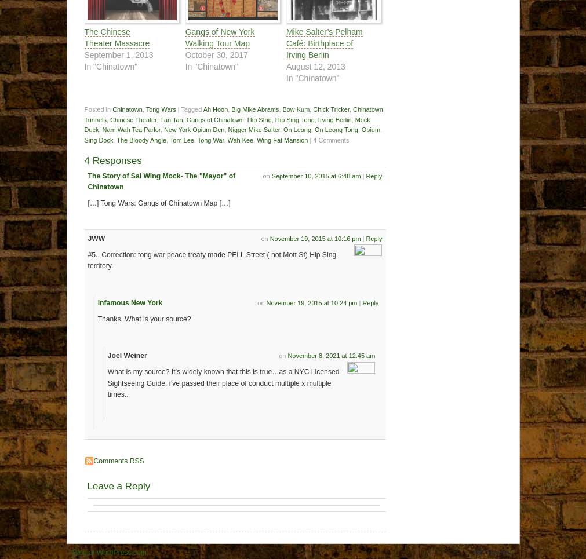  I want to click on 'On Leong', so click(297, 129).